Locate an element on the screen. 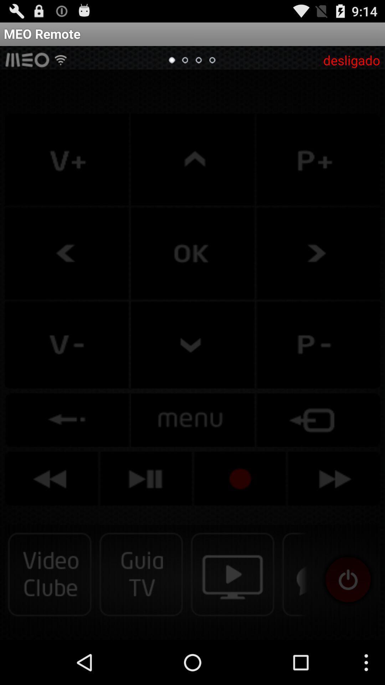 The height and width of the screenshot is (685, 385). the desligado app is located at coordinates (351, 60).